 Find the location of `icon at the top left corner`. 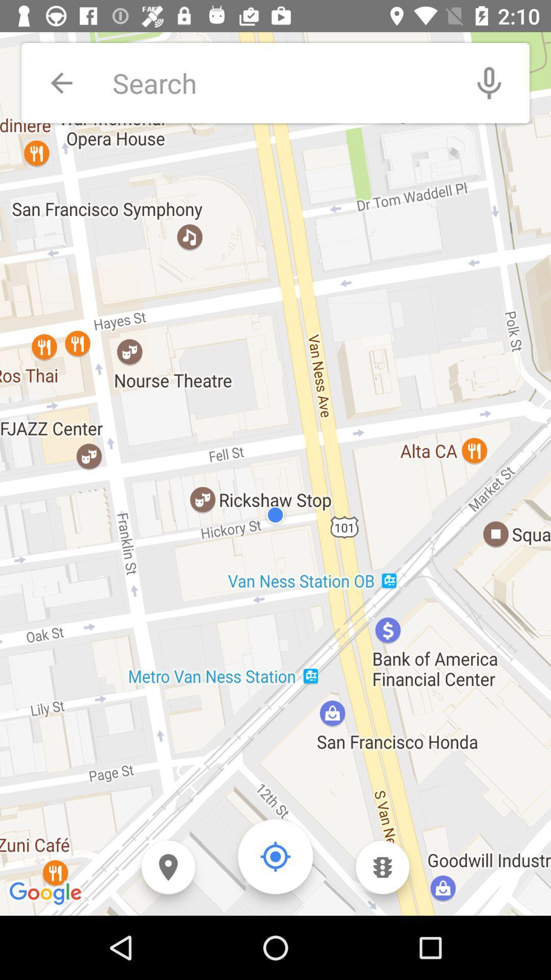

icon at the top left corner is located at coordinates (61, 83).